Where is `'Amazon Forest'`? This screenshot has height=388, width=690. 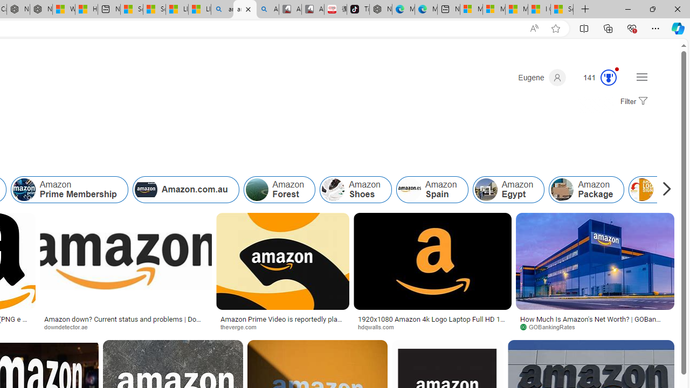
'Amazon Forest' is located at coordinates (256, 189).